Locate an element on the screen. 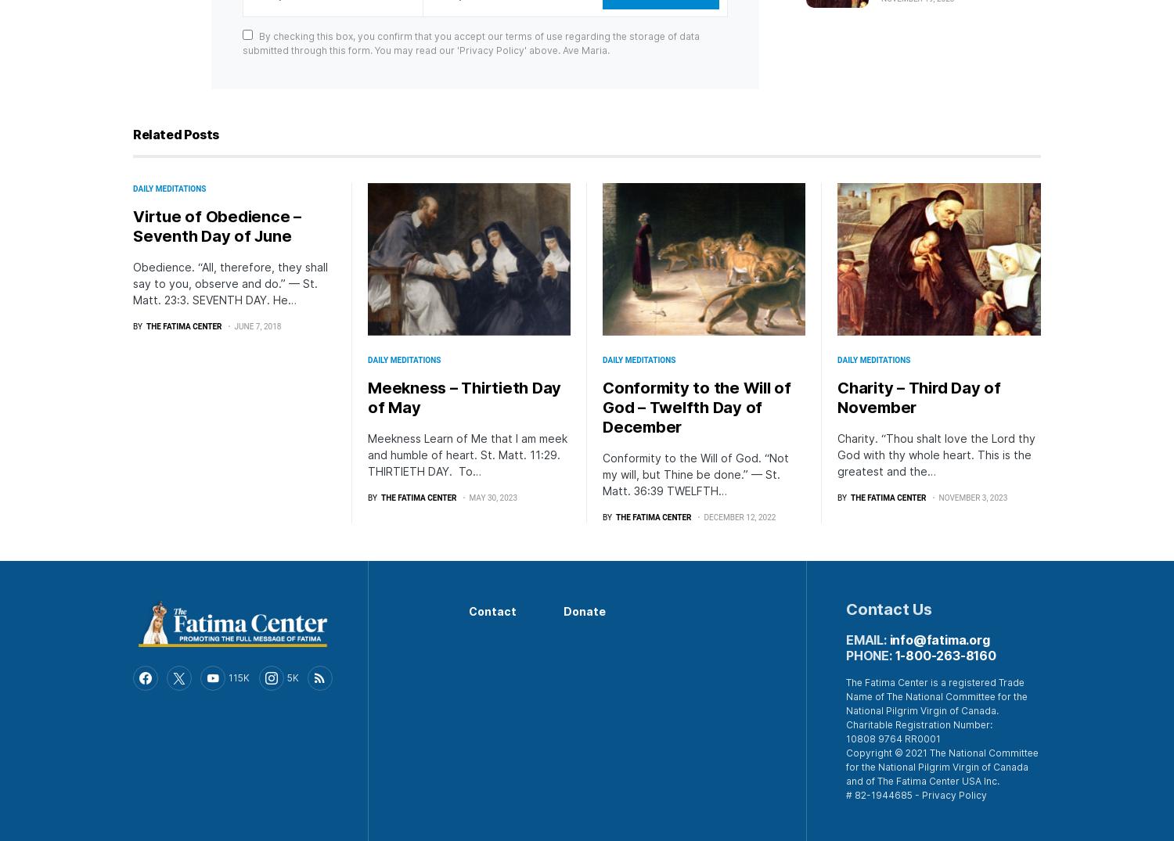  'Obedience. “All, therefore, they shall say to you, observe and do.” — St. Matt. 23:3. SEVENTH DAY. He…' is located at coordinates (230, 283).